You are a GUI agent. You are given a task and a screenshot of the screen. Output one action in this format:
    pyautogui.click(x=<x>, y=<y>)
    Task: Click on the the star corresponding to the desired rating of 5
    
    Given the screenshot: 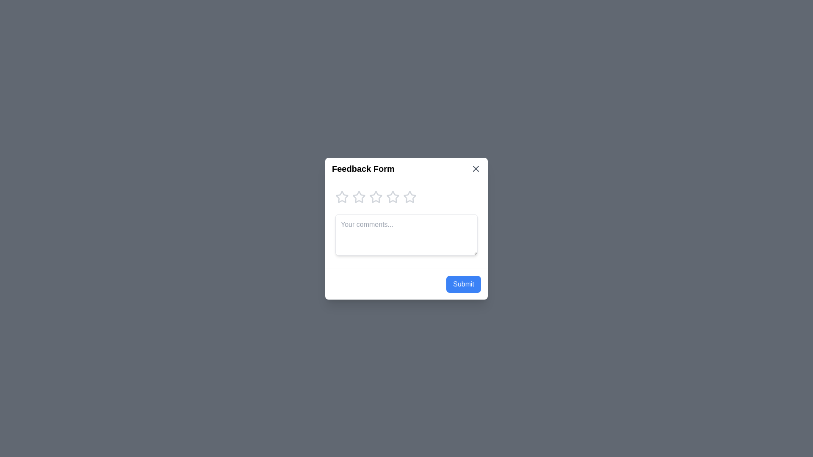 What is the action you would take?
    pyautogui.click(x=410, y=197)
    